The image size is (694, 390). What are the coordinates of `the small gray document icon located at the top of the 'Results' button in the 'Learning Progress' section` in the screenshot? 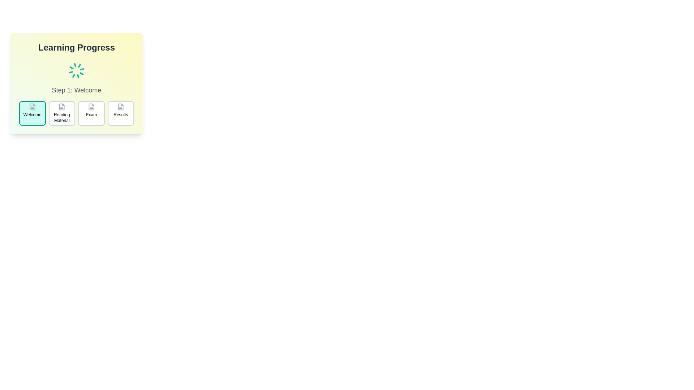 It's located at (121, 107).